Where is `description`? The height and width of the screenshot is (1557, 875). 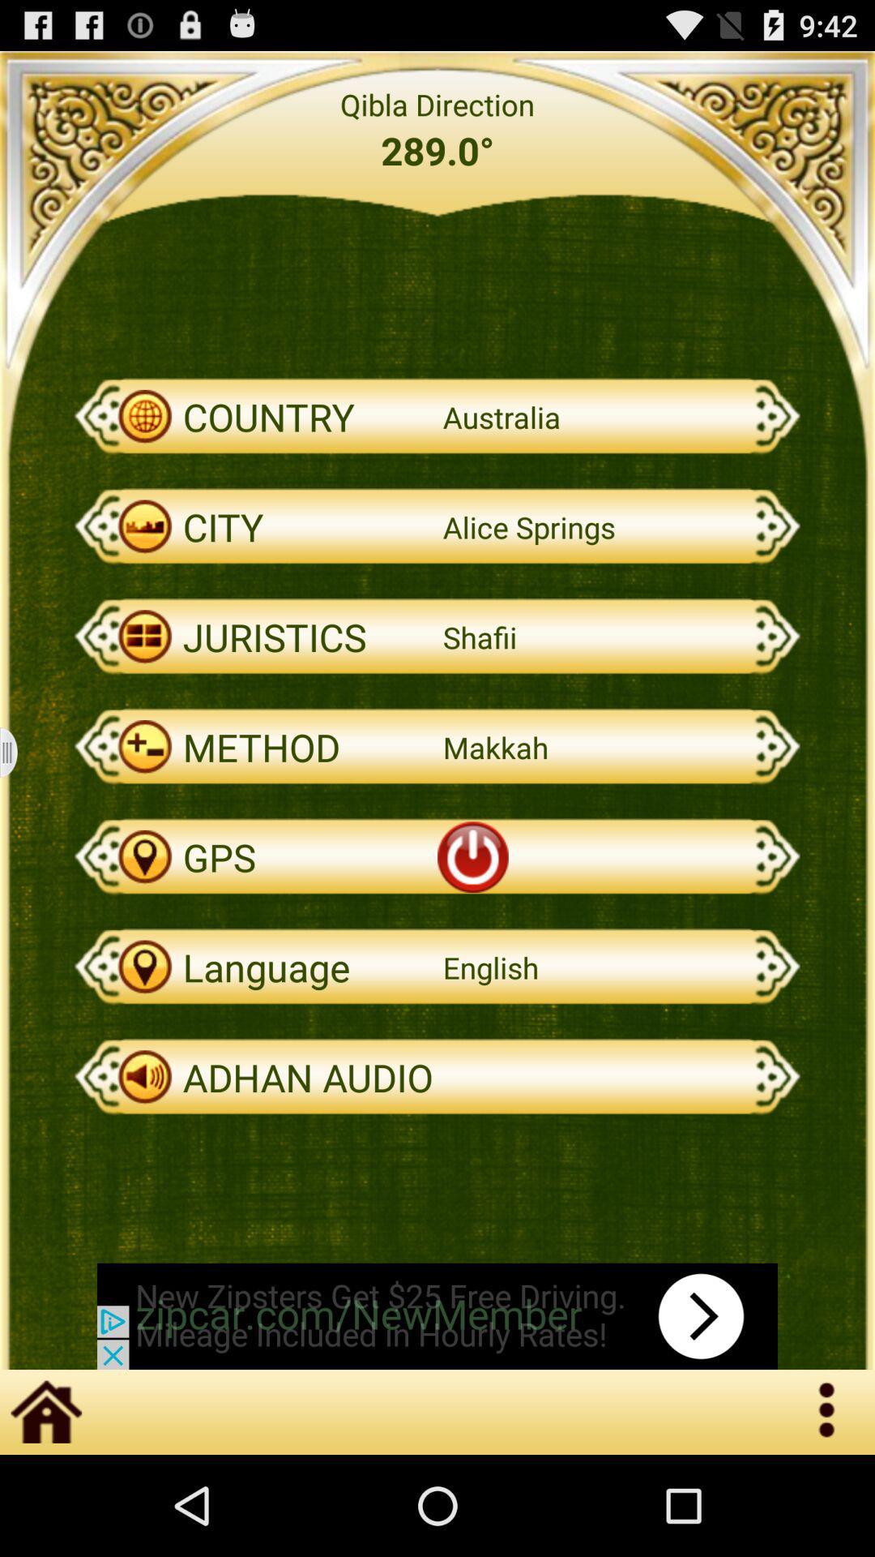
description is located at coordinates (19, 752).